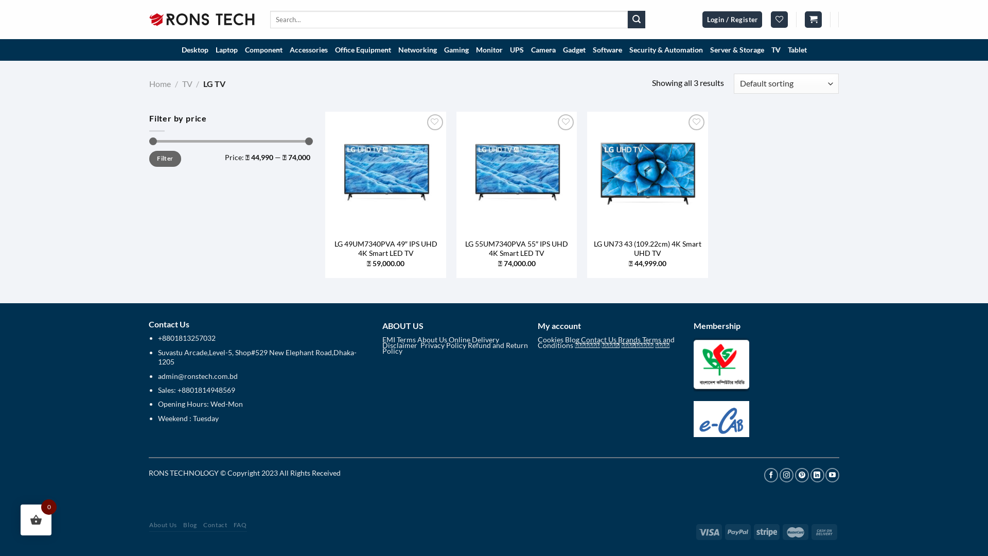 The width and height of the screenshot is (988, 556). What do you see at coordinates (187, 83) in the screenshot?
I see `'TV'` at bounding box center [187, 83].